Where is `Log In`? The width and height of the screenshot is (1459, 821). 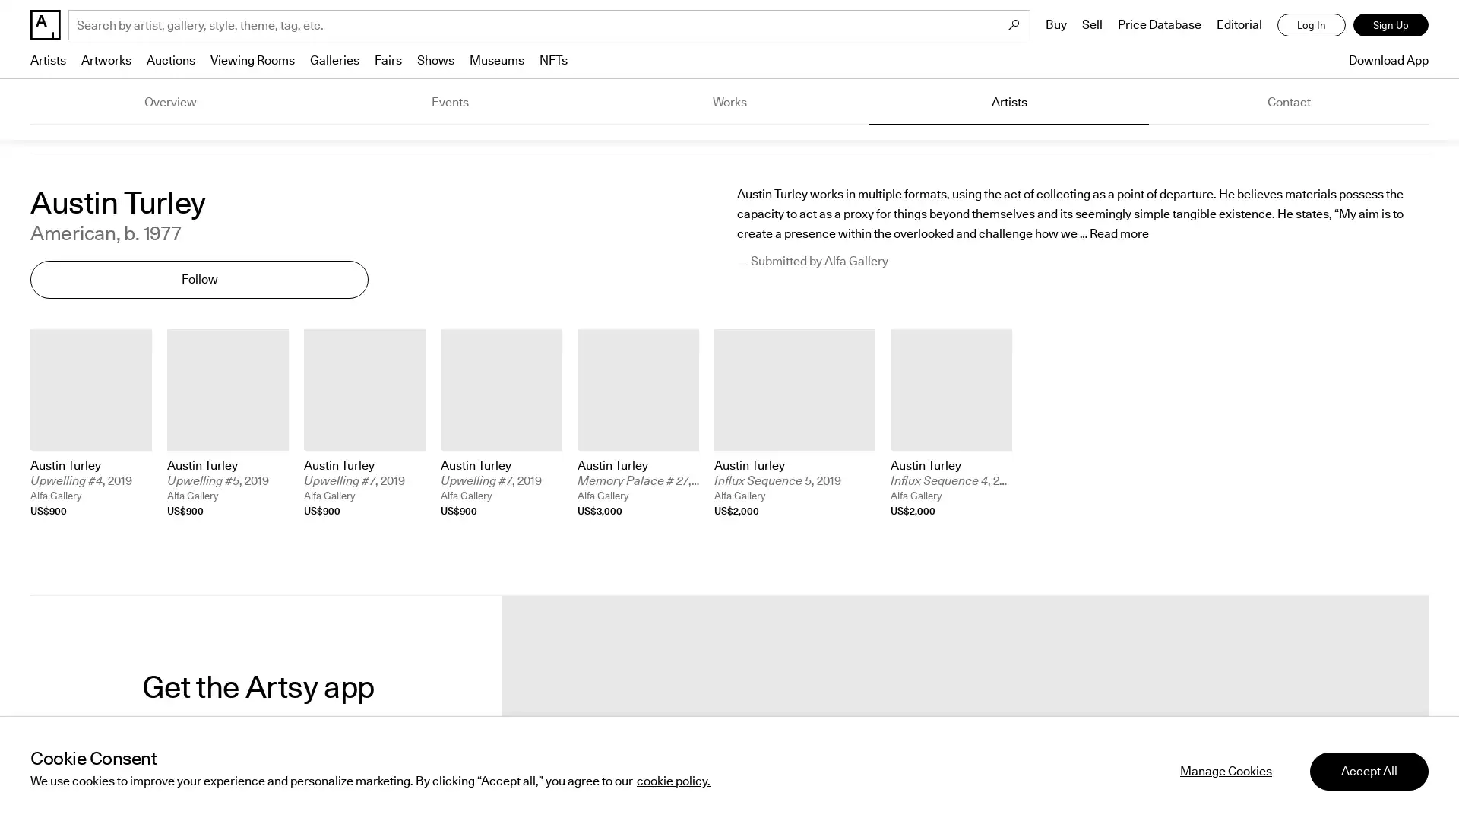
Log In is located at coordinates (1311, 25).